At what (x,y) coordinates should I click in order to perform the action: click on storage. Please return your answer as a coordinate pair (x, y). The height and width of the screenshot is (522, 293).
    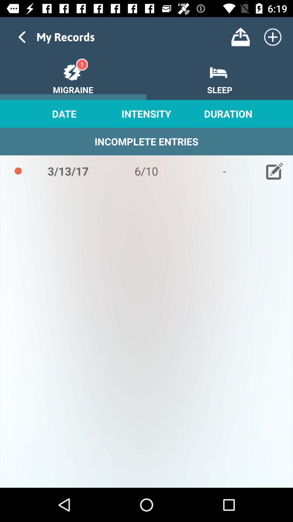
    Looking at the image, I should click on (240, 37).